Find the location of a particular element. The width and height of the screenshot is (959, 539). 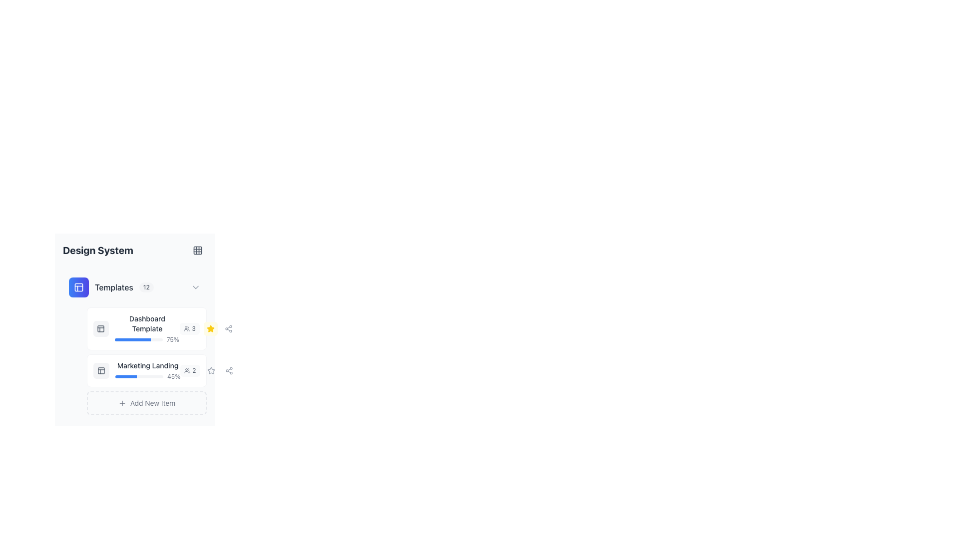

the share icon associated with the 'Marketing Landing' item in the 'Templates' section, located on the far right-hand side of the second list item is located at coordinates (228, 371).